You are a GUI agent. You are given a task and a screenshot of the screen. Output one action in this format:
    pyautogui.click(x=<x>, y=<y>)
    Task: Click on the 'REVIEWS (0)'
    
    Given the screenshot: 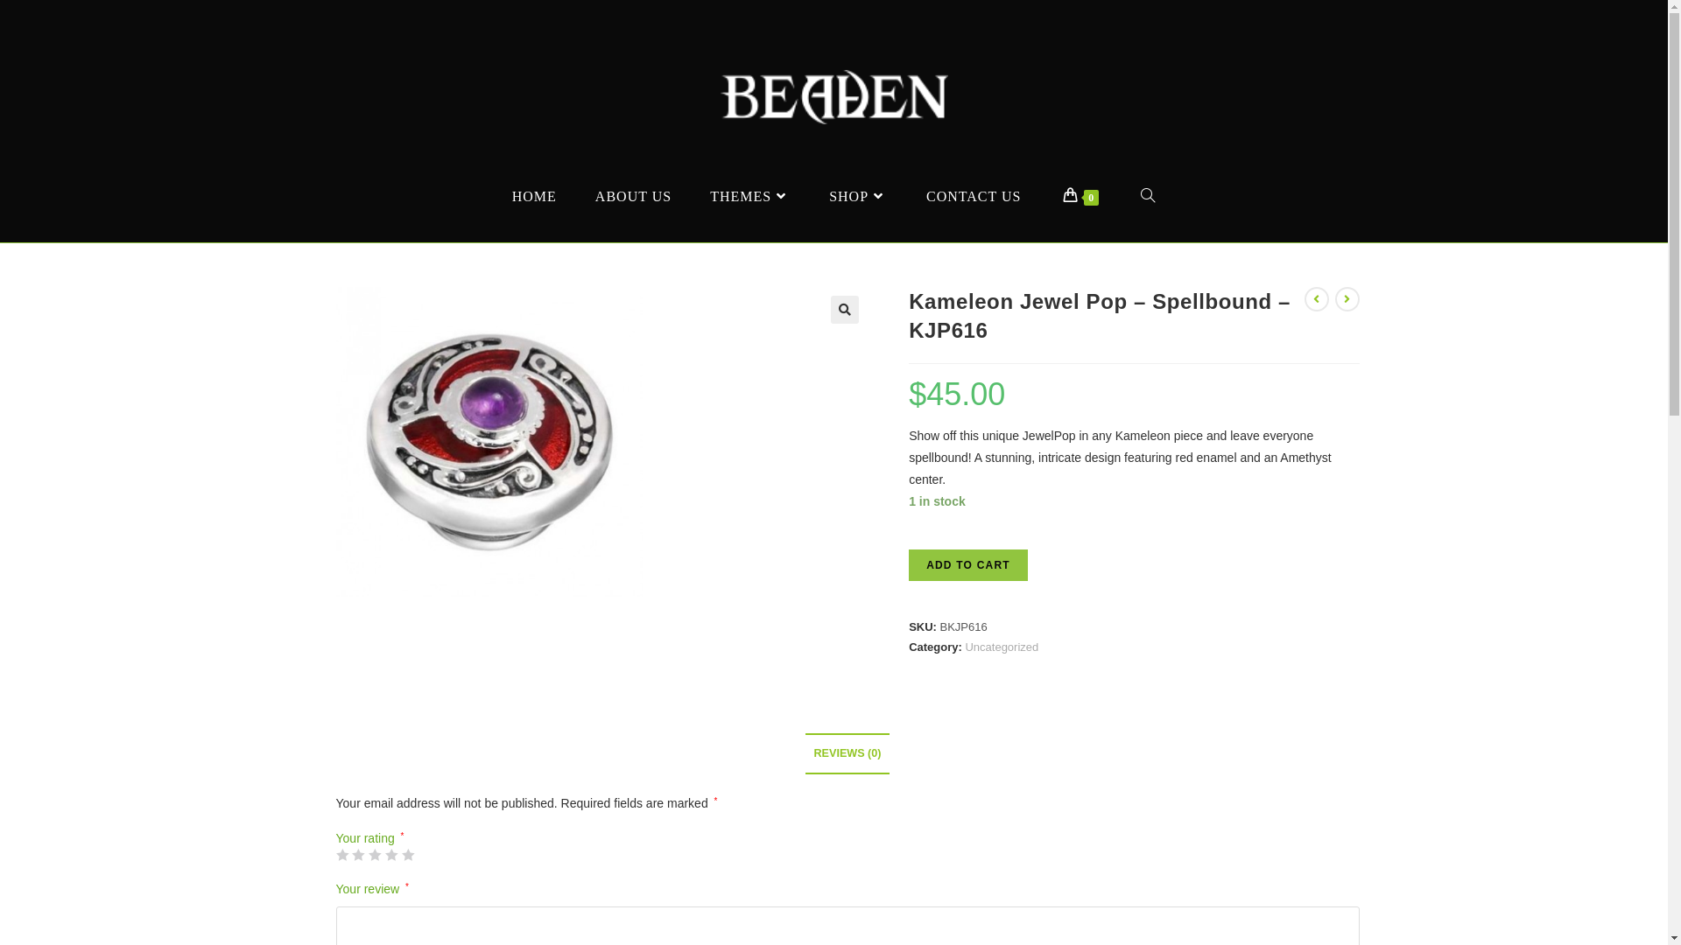 What is the action you would take?
    pyautogui.click(x=848, y=752)
    